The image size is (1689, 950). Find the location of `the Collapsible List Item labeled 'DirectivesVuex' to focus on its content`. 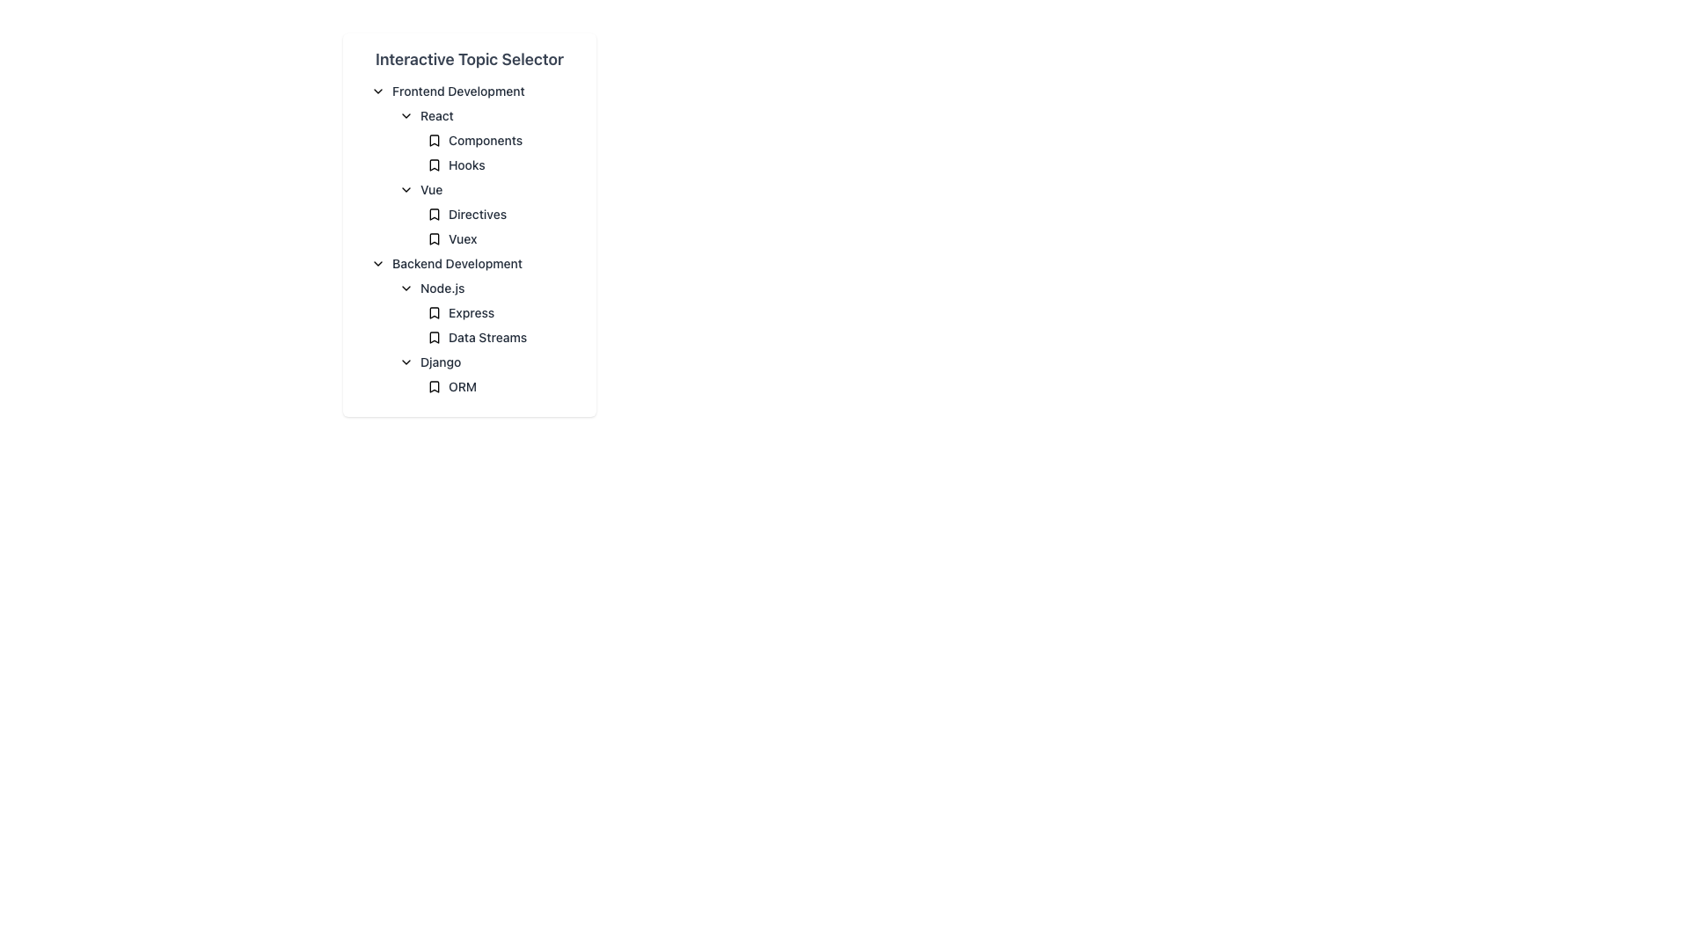

the Collapsible List Item labeled 'DirectivesVuex' to focus on its content is located at coordinates (490, 213).